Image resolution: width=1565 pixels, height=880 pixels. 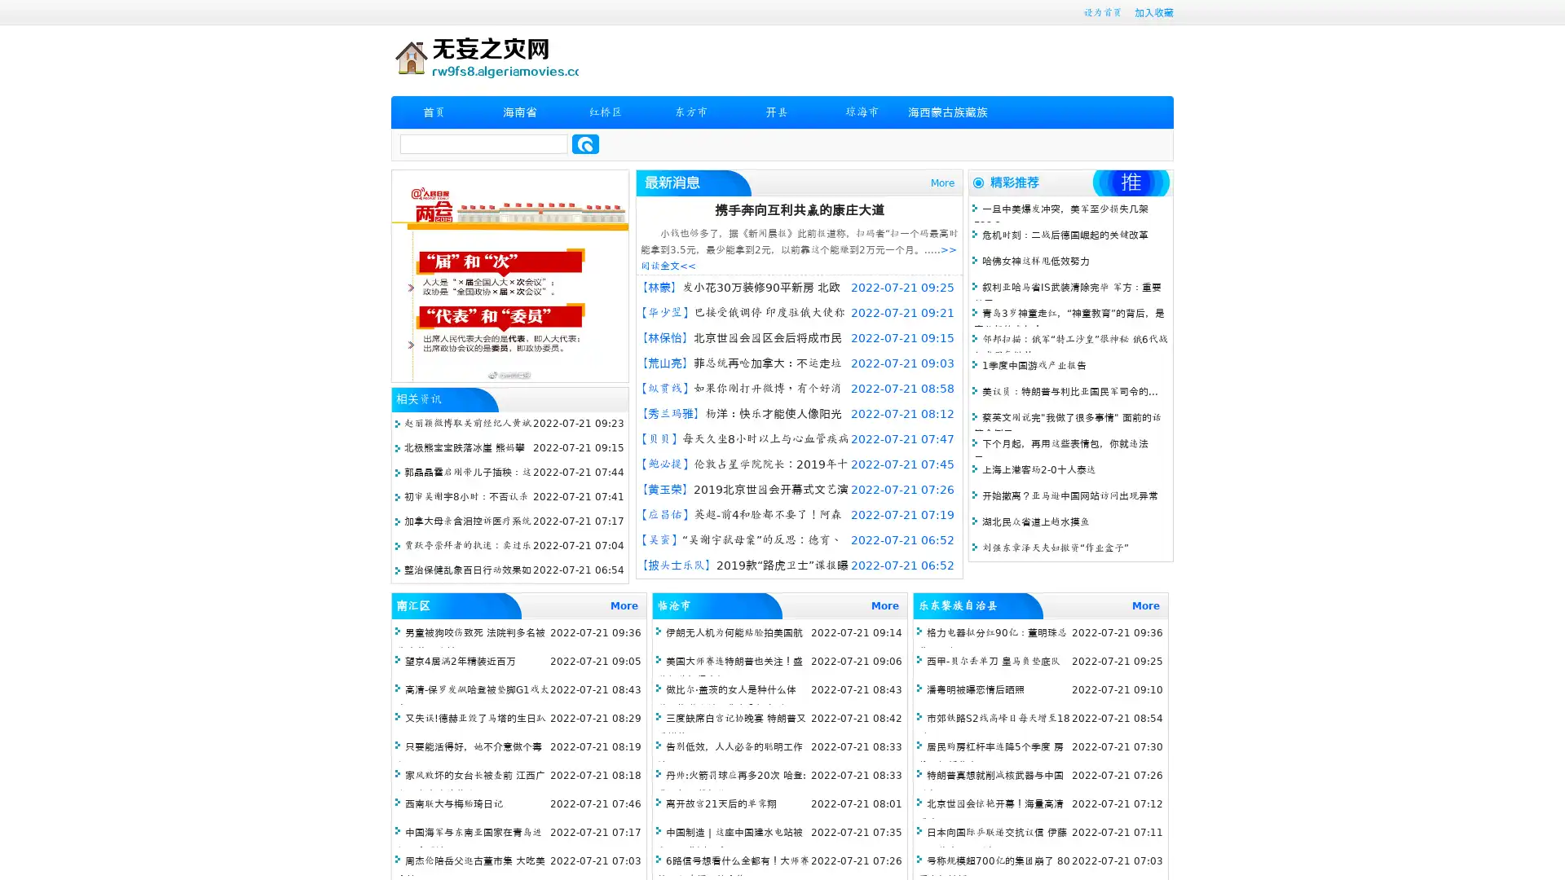 What do you see at coordinates (585, 143) in the screenshot?
I see `Search` at bounding box center [585, 143].